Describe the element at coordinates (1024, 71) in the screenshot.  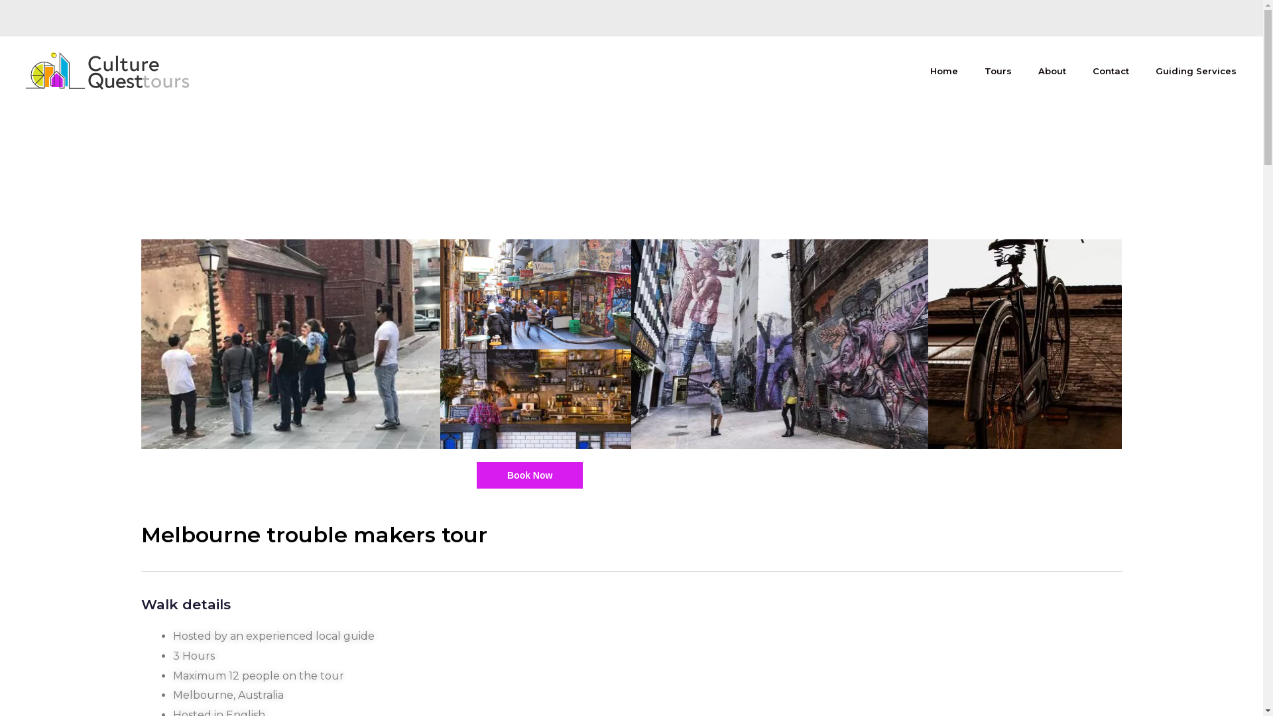
I see `'About'` at that location.